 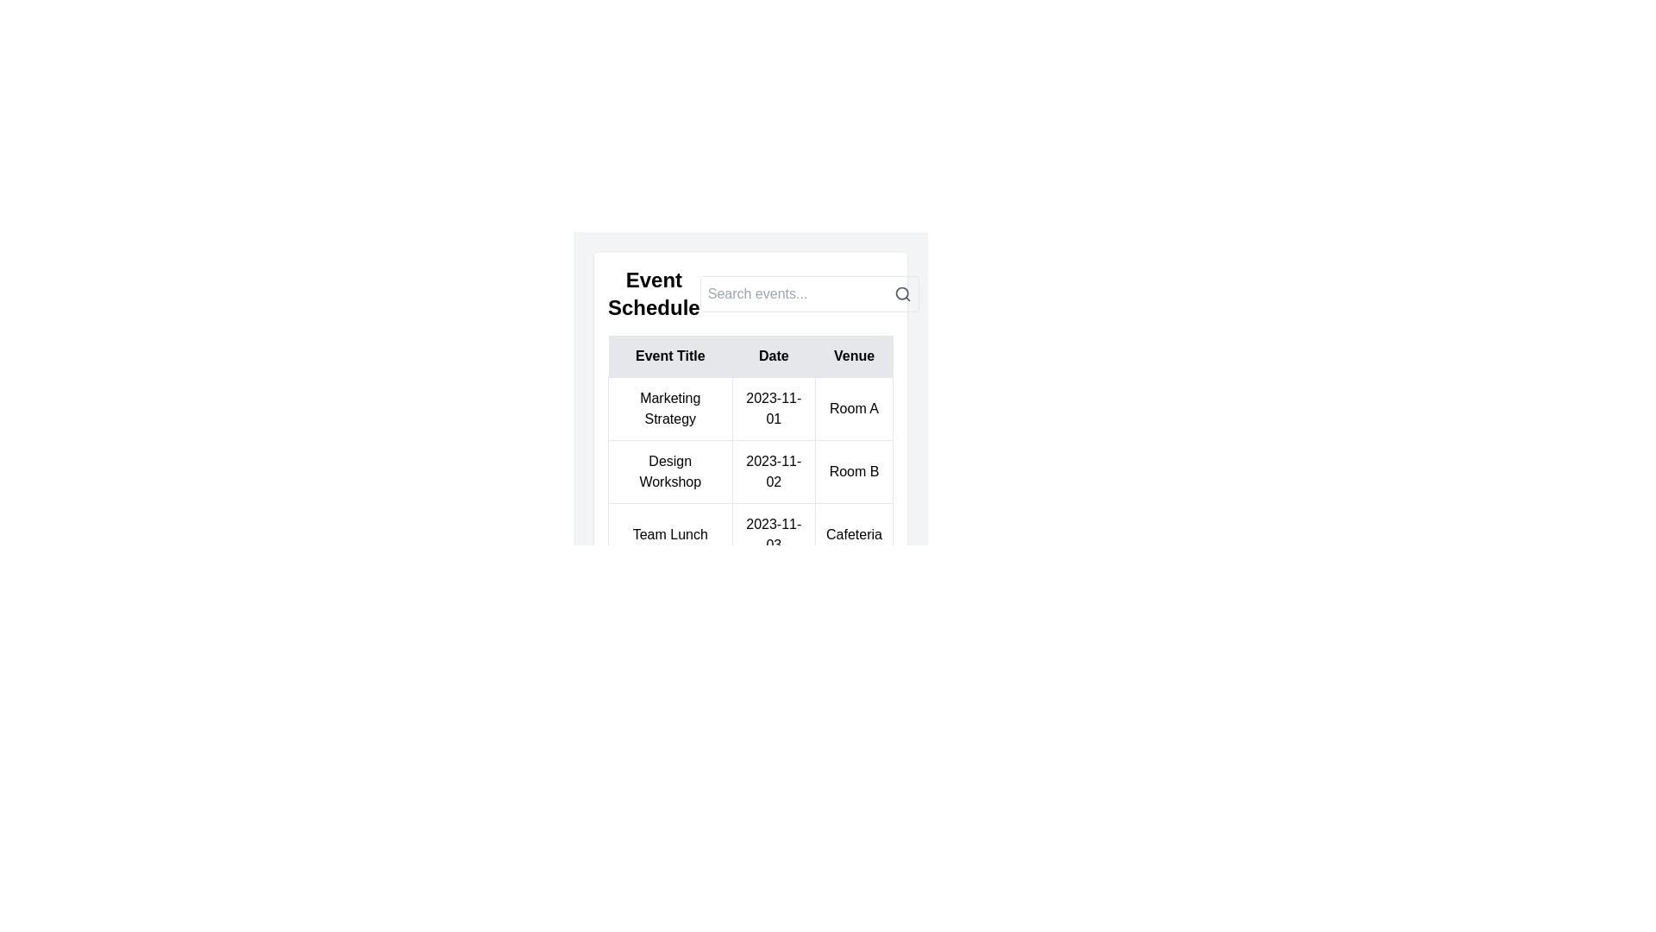 What do you see at coordinates (750, 450) in the screenshot?
I see `the table cell in the second row and second column of the 'Event Schedule' card that displays the date for the 'Design Workshop' event` at bounding box center [750, 450].